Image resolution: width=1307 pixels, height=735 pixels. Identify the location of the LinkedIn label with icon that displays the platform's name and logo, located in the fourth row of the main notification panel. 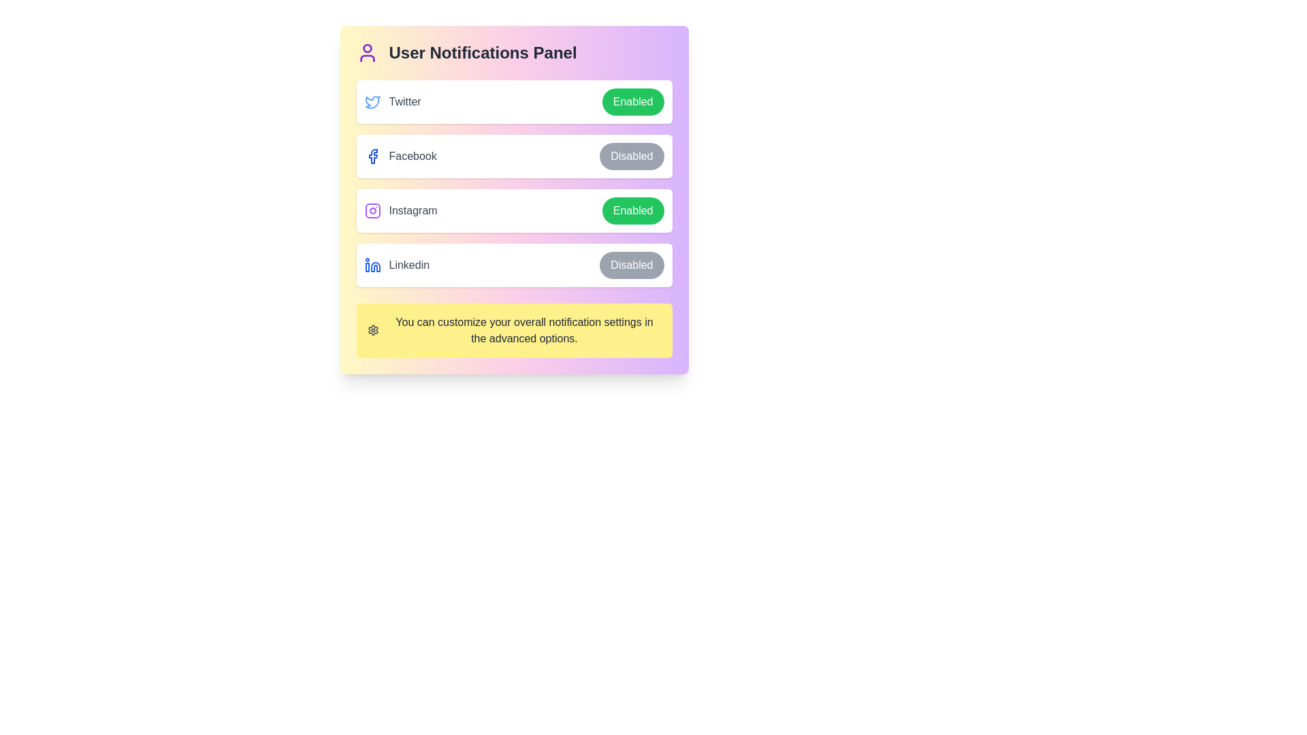
(396, 265).